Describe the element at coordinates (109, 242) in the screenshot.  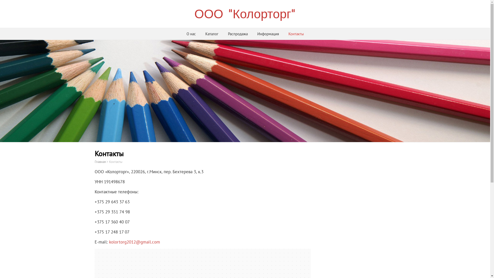
I see `'kolortorg2012@gmail.com'` at that location.